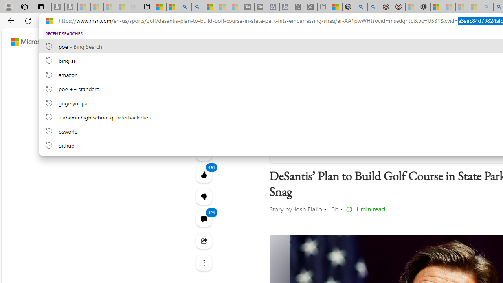 The image size is (503, 283). Describe the element at coordinates (71, 7) in the screenshot. I see `'Newsletter Sign Up - Sleeping'` at that location.